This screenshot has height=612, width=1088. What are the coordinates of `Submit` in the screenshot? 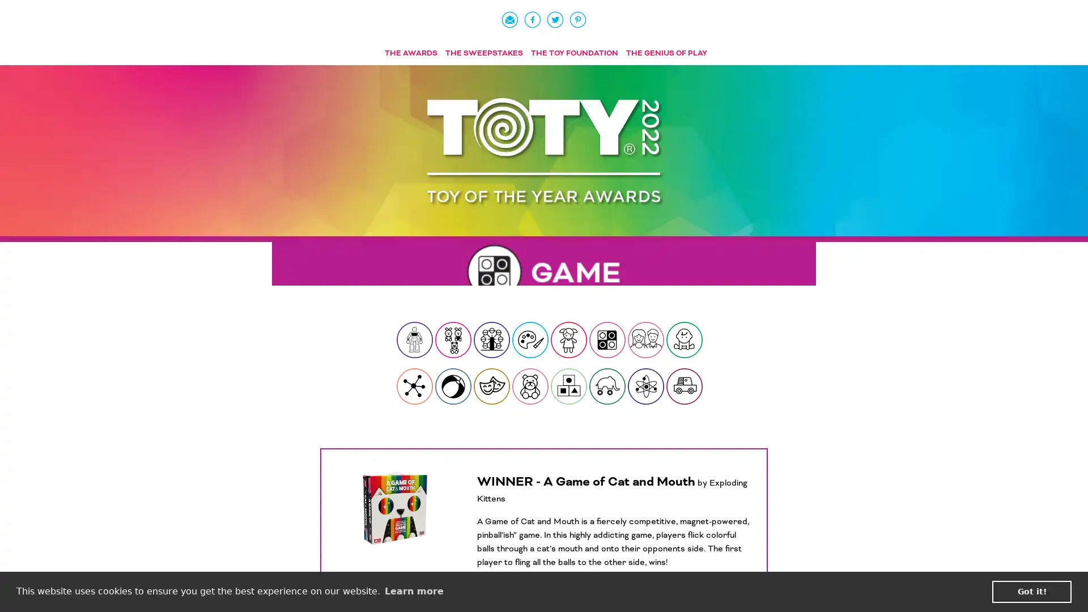 It's located at (414, 339).